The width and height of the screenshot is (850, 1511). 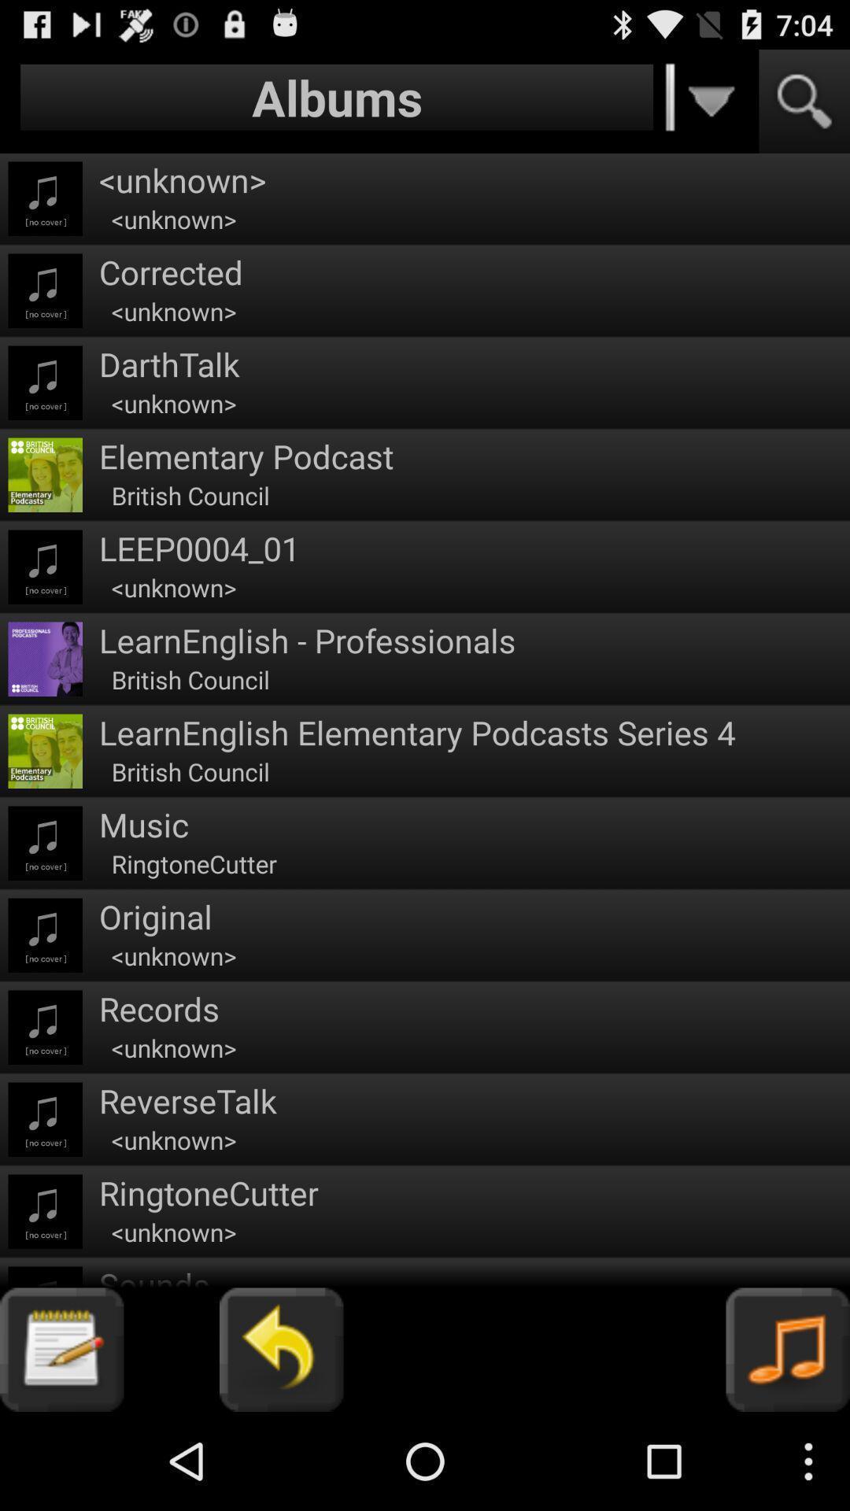 What do you see at coordinates (44, 1210) in the screenshot?
I see `the icon which is beside ringtonecutter` at bounding box center [44, 1210].